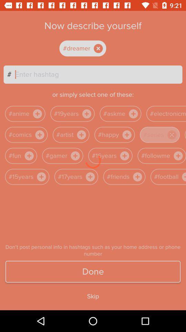 The height and width of the screenshot is (332, 186). Describe the element at coordinates (89, 48) in the screenshot. I see `already selected hashtag` at that location.